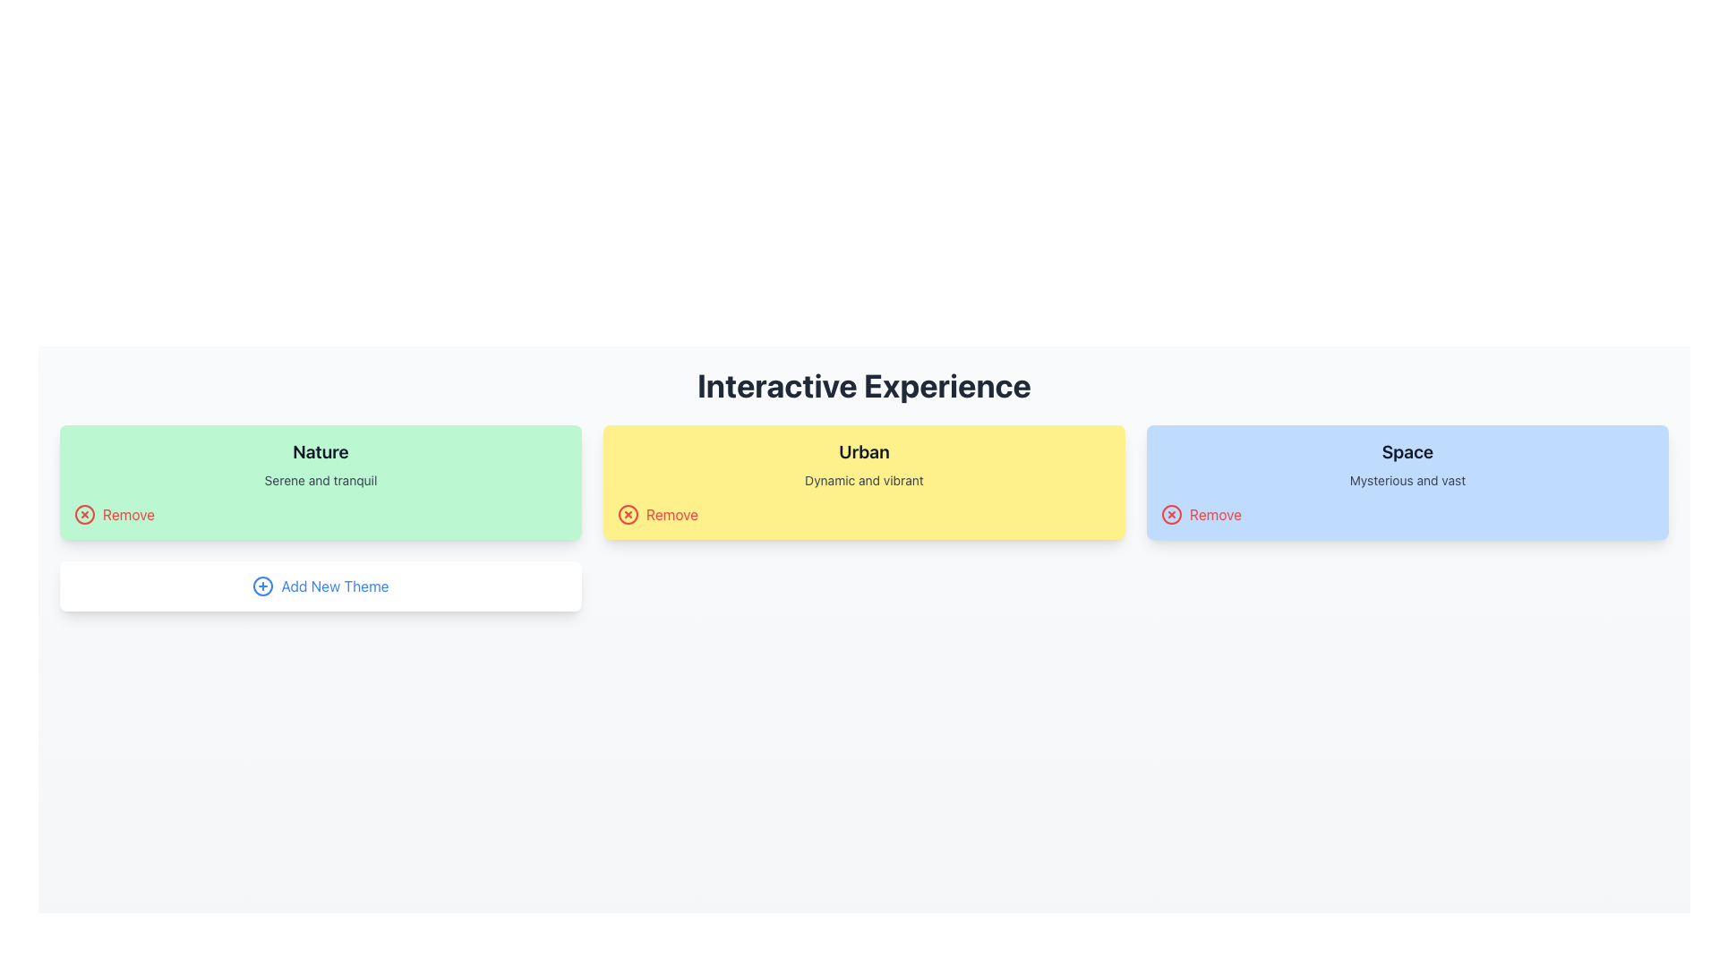 This screenshot has width=1719, height=967. I want to click on the static text block reading 'Serene and tranquil' which is located beneath the 'Nature' title and above the 'Remove' button in the first card, so click(321, 479).